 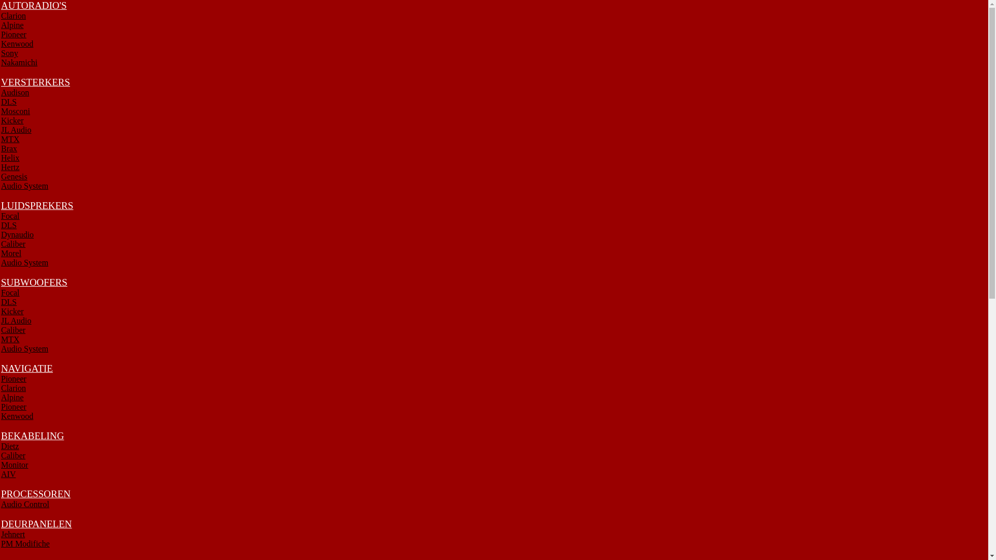 I want to click on 'Sony', so click(x=9, y=53).